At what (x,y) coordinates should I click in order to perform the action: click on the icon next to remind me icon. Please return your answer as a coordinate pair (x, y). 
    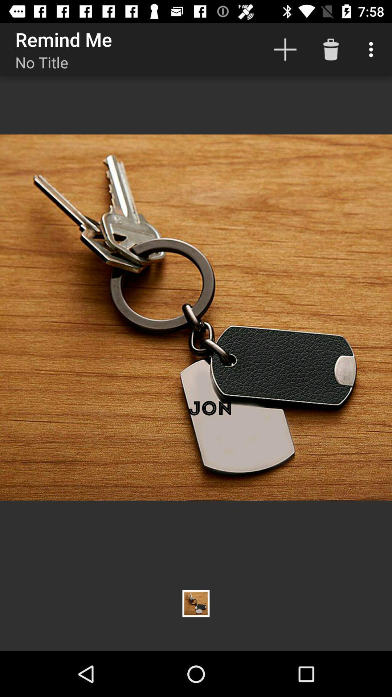
    Looking at the image, I should click on (285, 49).